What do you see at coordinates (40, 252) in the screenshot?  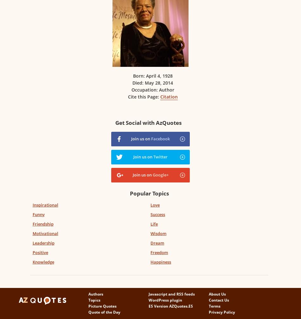 I see `'Positive'` at bounding box center [40, 252].